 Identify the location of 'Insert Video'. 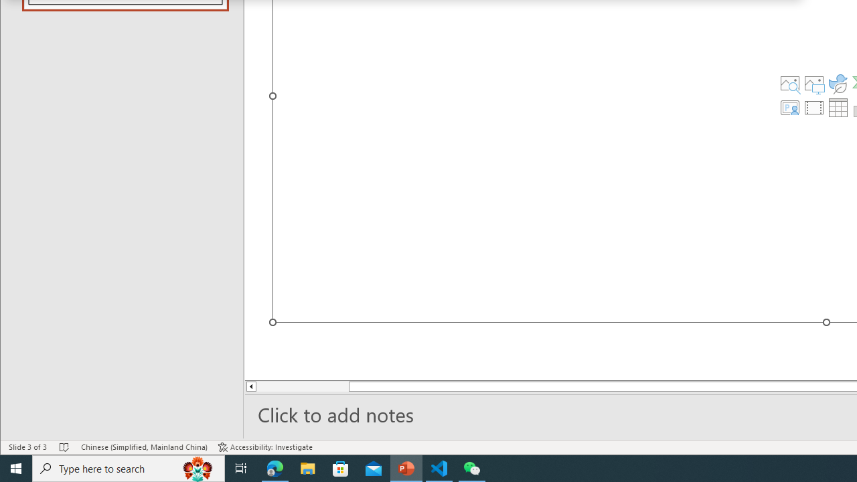
(813, 106).